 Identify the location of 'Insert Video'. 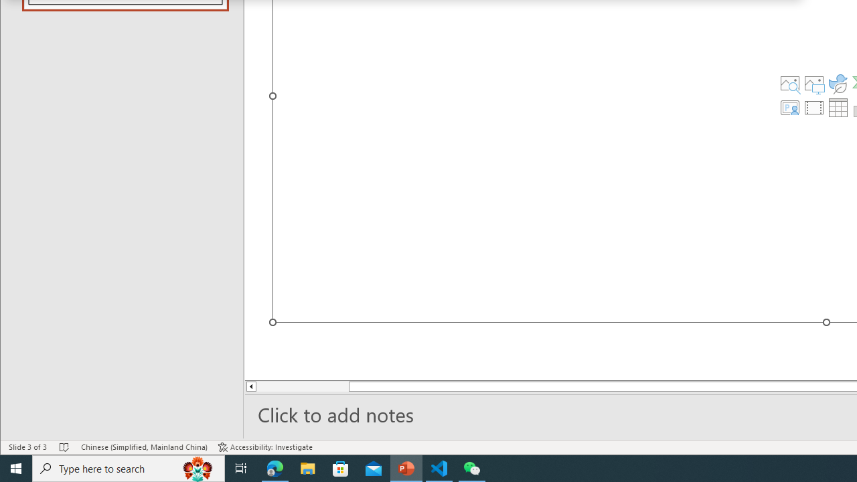
(813, 106).